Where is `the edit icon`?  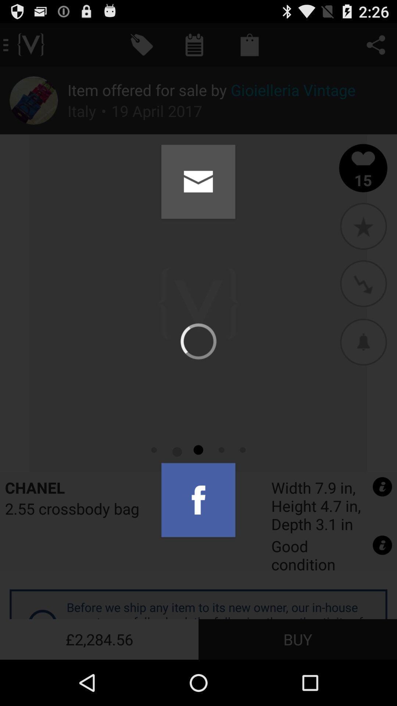 the edit icon is located at coordinates (33, 107).